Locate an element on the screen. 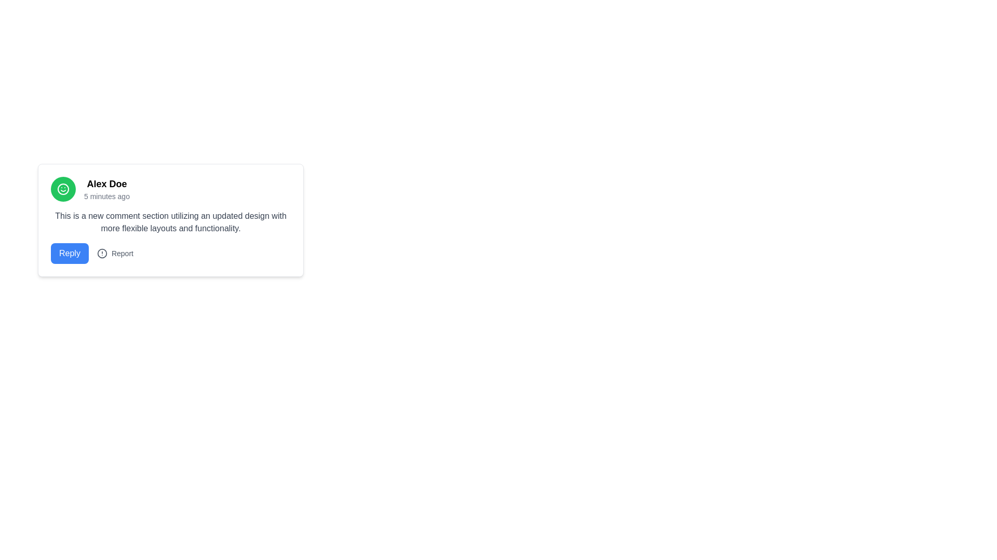  the report icon located before the text label in the report button section is located at coordinates (102, 254).